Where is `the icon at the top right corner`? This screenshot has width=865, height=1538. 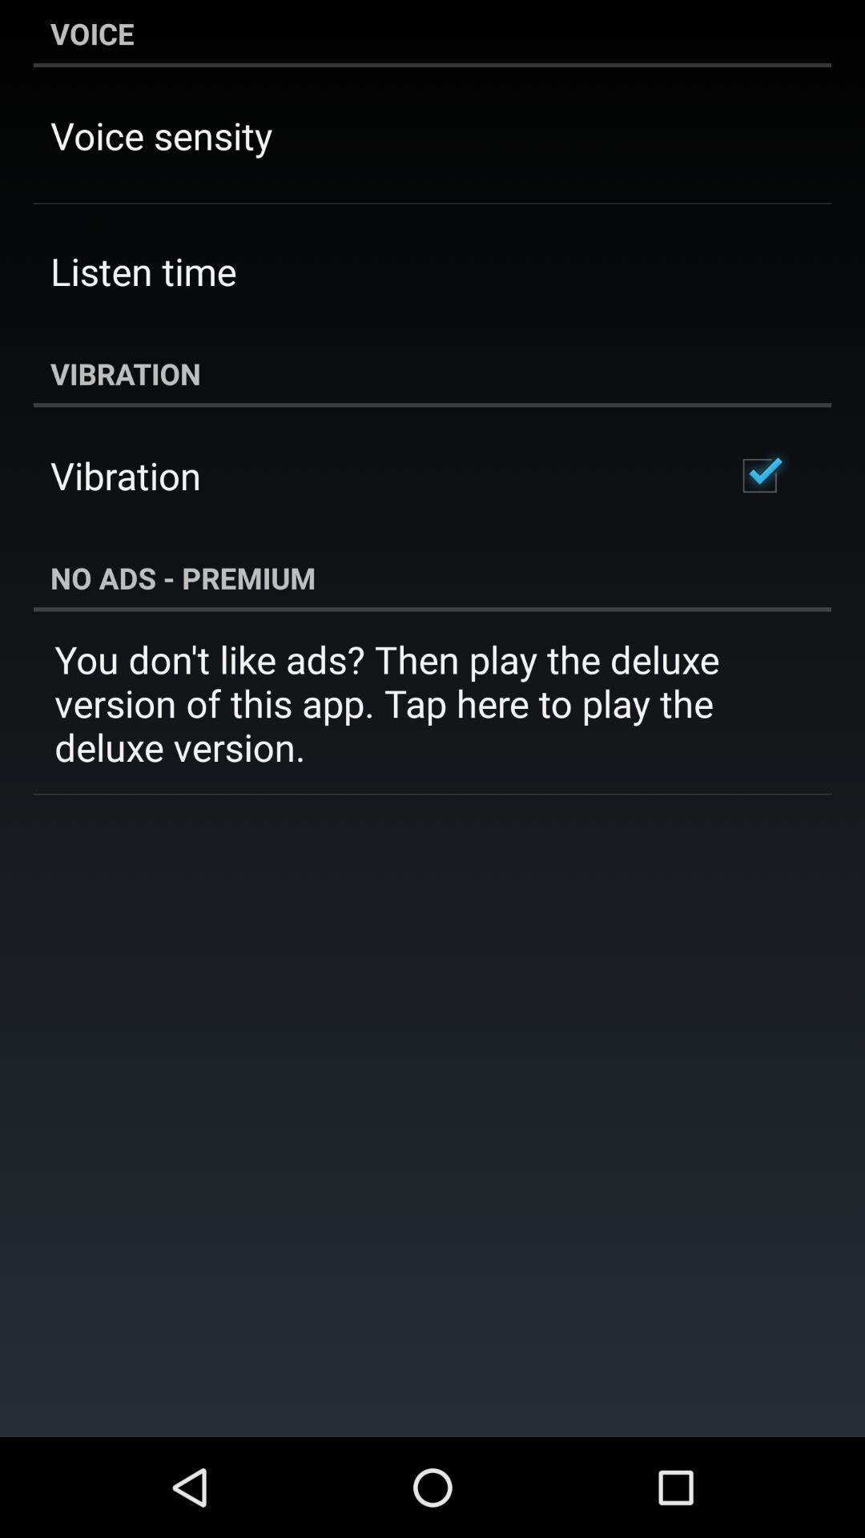 the icon at the top right corner is located at coordinates (758, 475).